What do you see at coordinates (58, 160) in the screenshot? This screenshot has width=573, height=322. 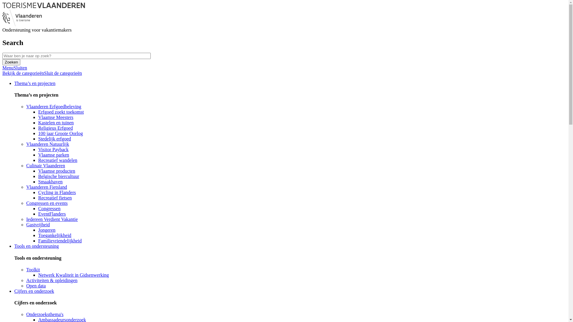 I see `'Recreatief wandelen'` at bounding box center [58, 160].